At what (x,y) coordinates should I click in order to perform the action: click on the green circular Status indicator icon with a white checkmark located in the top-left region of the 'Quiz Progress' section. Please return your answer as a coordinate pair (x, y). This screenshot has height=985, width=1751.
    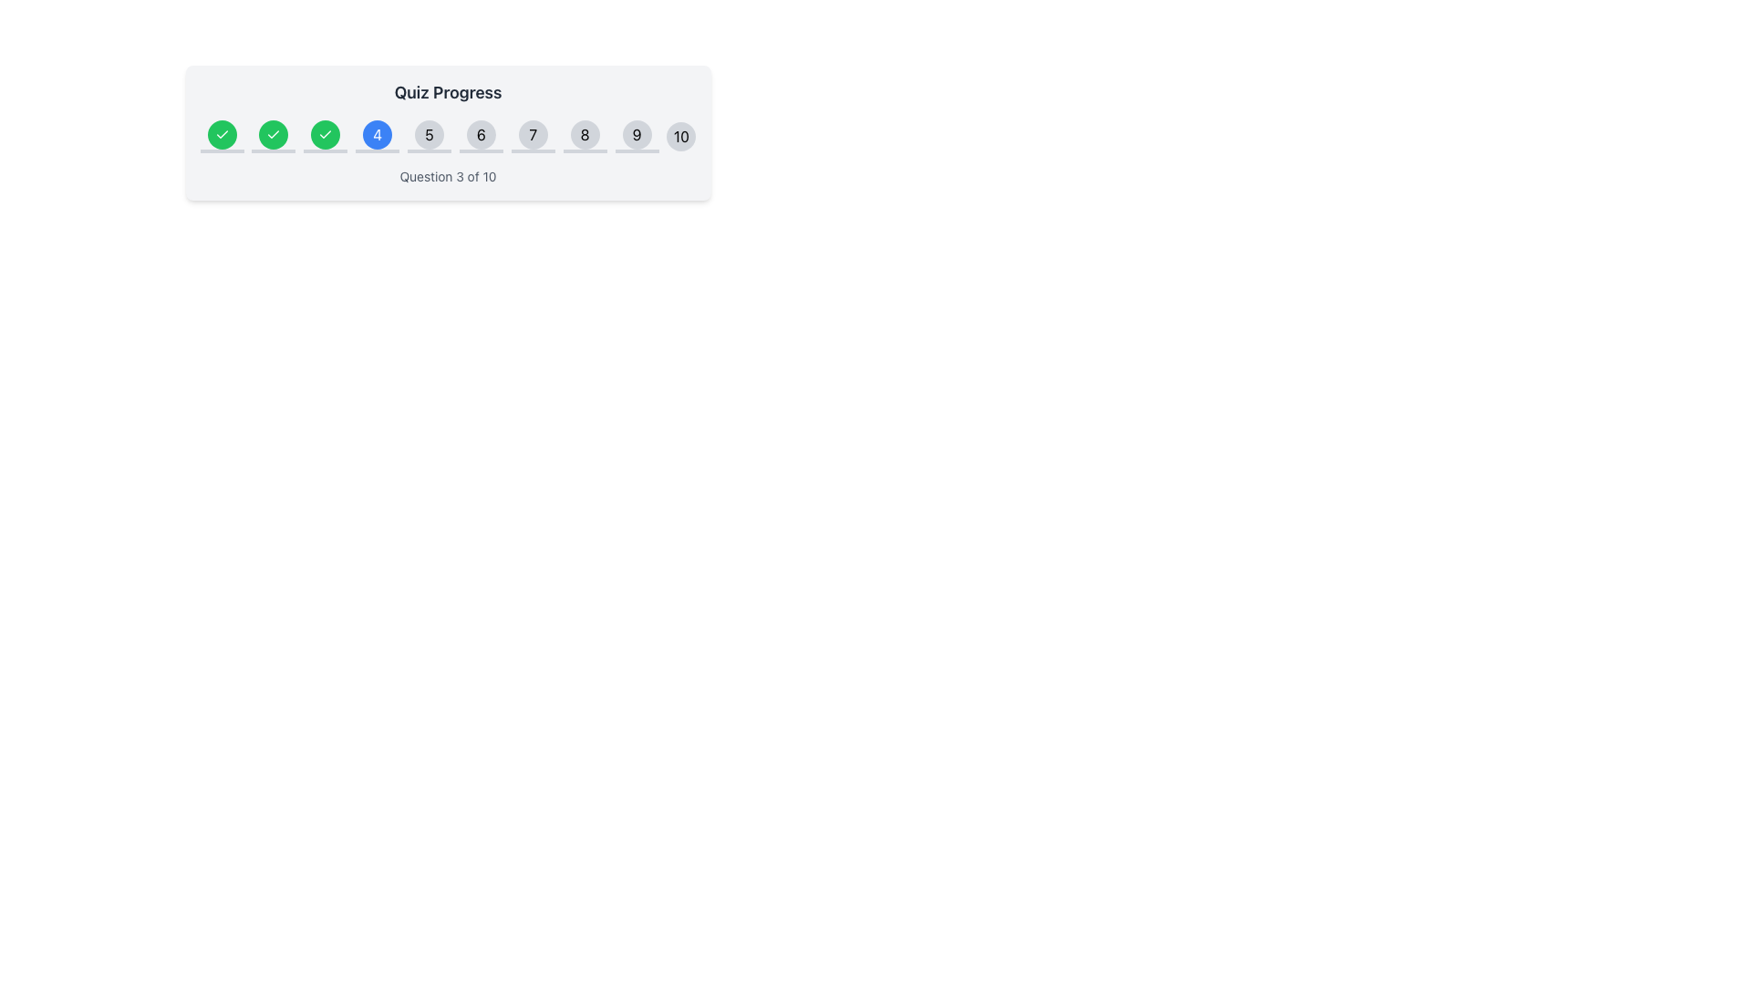
    Looking at the image, I should click on (221, 133).